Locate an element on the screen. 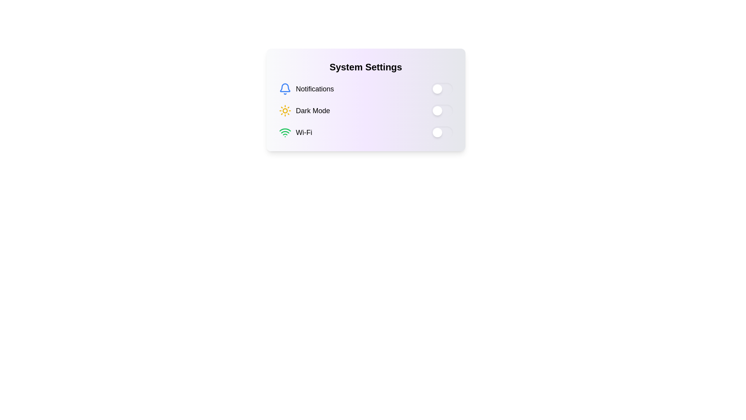  the blue outlined bell icon that resembles a notification symbol, located at the top-left corner of the 'Notifications' section in the settings interface is located at coordinates (284, 88).